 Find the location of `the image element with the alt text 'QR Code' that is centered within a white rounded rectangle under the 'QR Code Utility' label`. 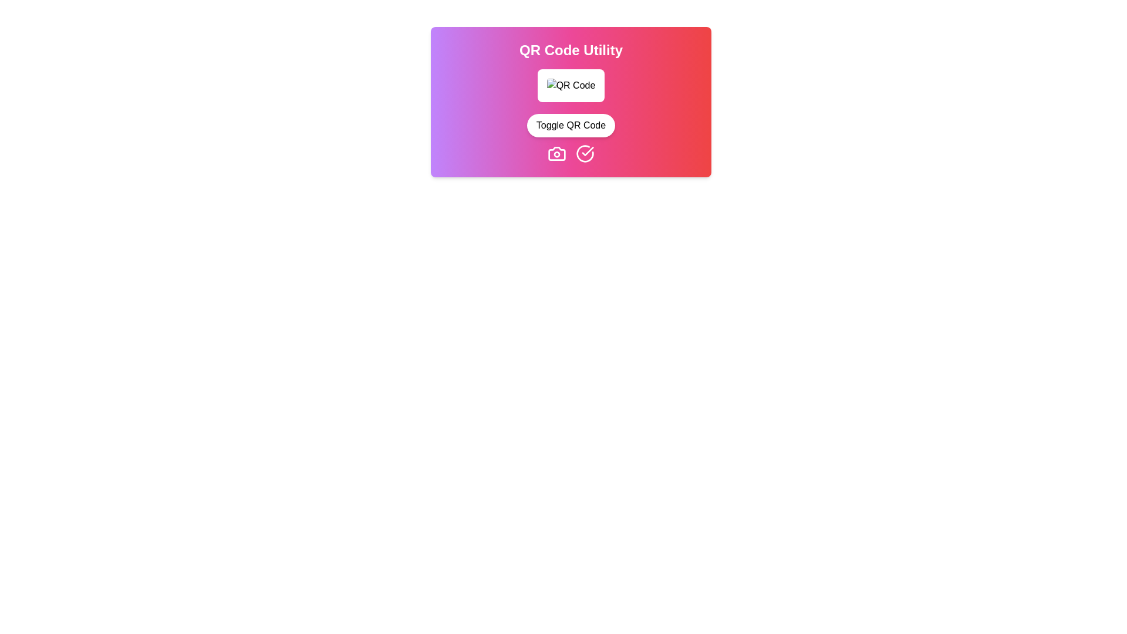

the image element with the alt text 'QR Code' that is centered within a white rounded rectangle under the 'QR Code Utility' label is located at coordinates (571, 85).